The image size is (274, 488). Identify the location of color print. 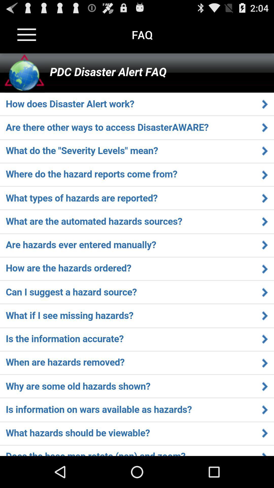
(137, 255).